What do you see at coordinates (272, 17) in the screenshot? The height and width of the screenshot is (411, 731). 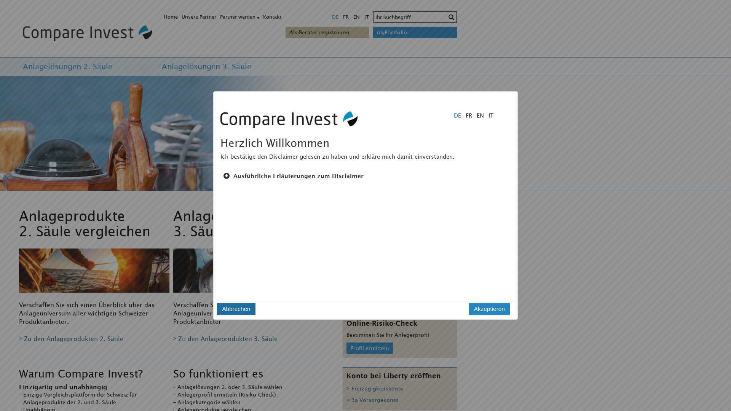 I see `'Kontakt'` at bounding box center [272, 17].